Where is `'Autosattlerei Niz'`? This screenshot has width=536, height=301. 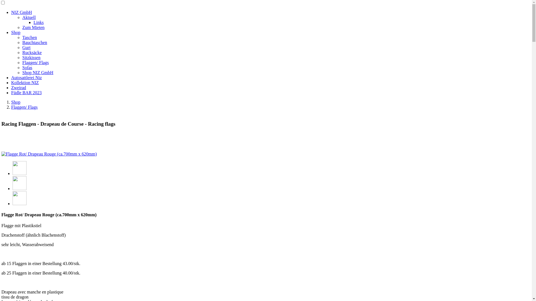 'Autosattlerei Niz' is located at coordinates (26, 77).